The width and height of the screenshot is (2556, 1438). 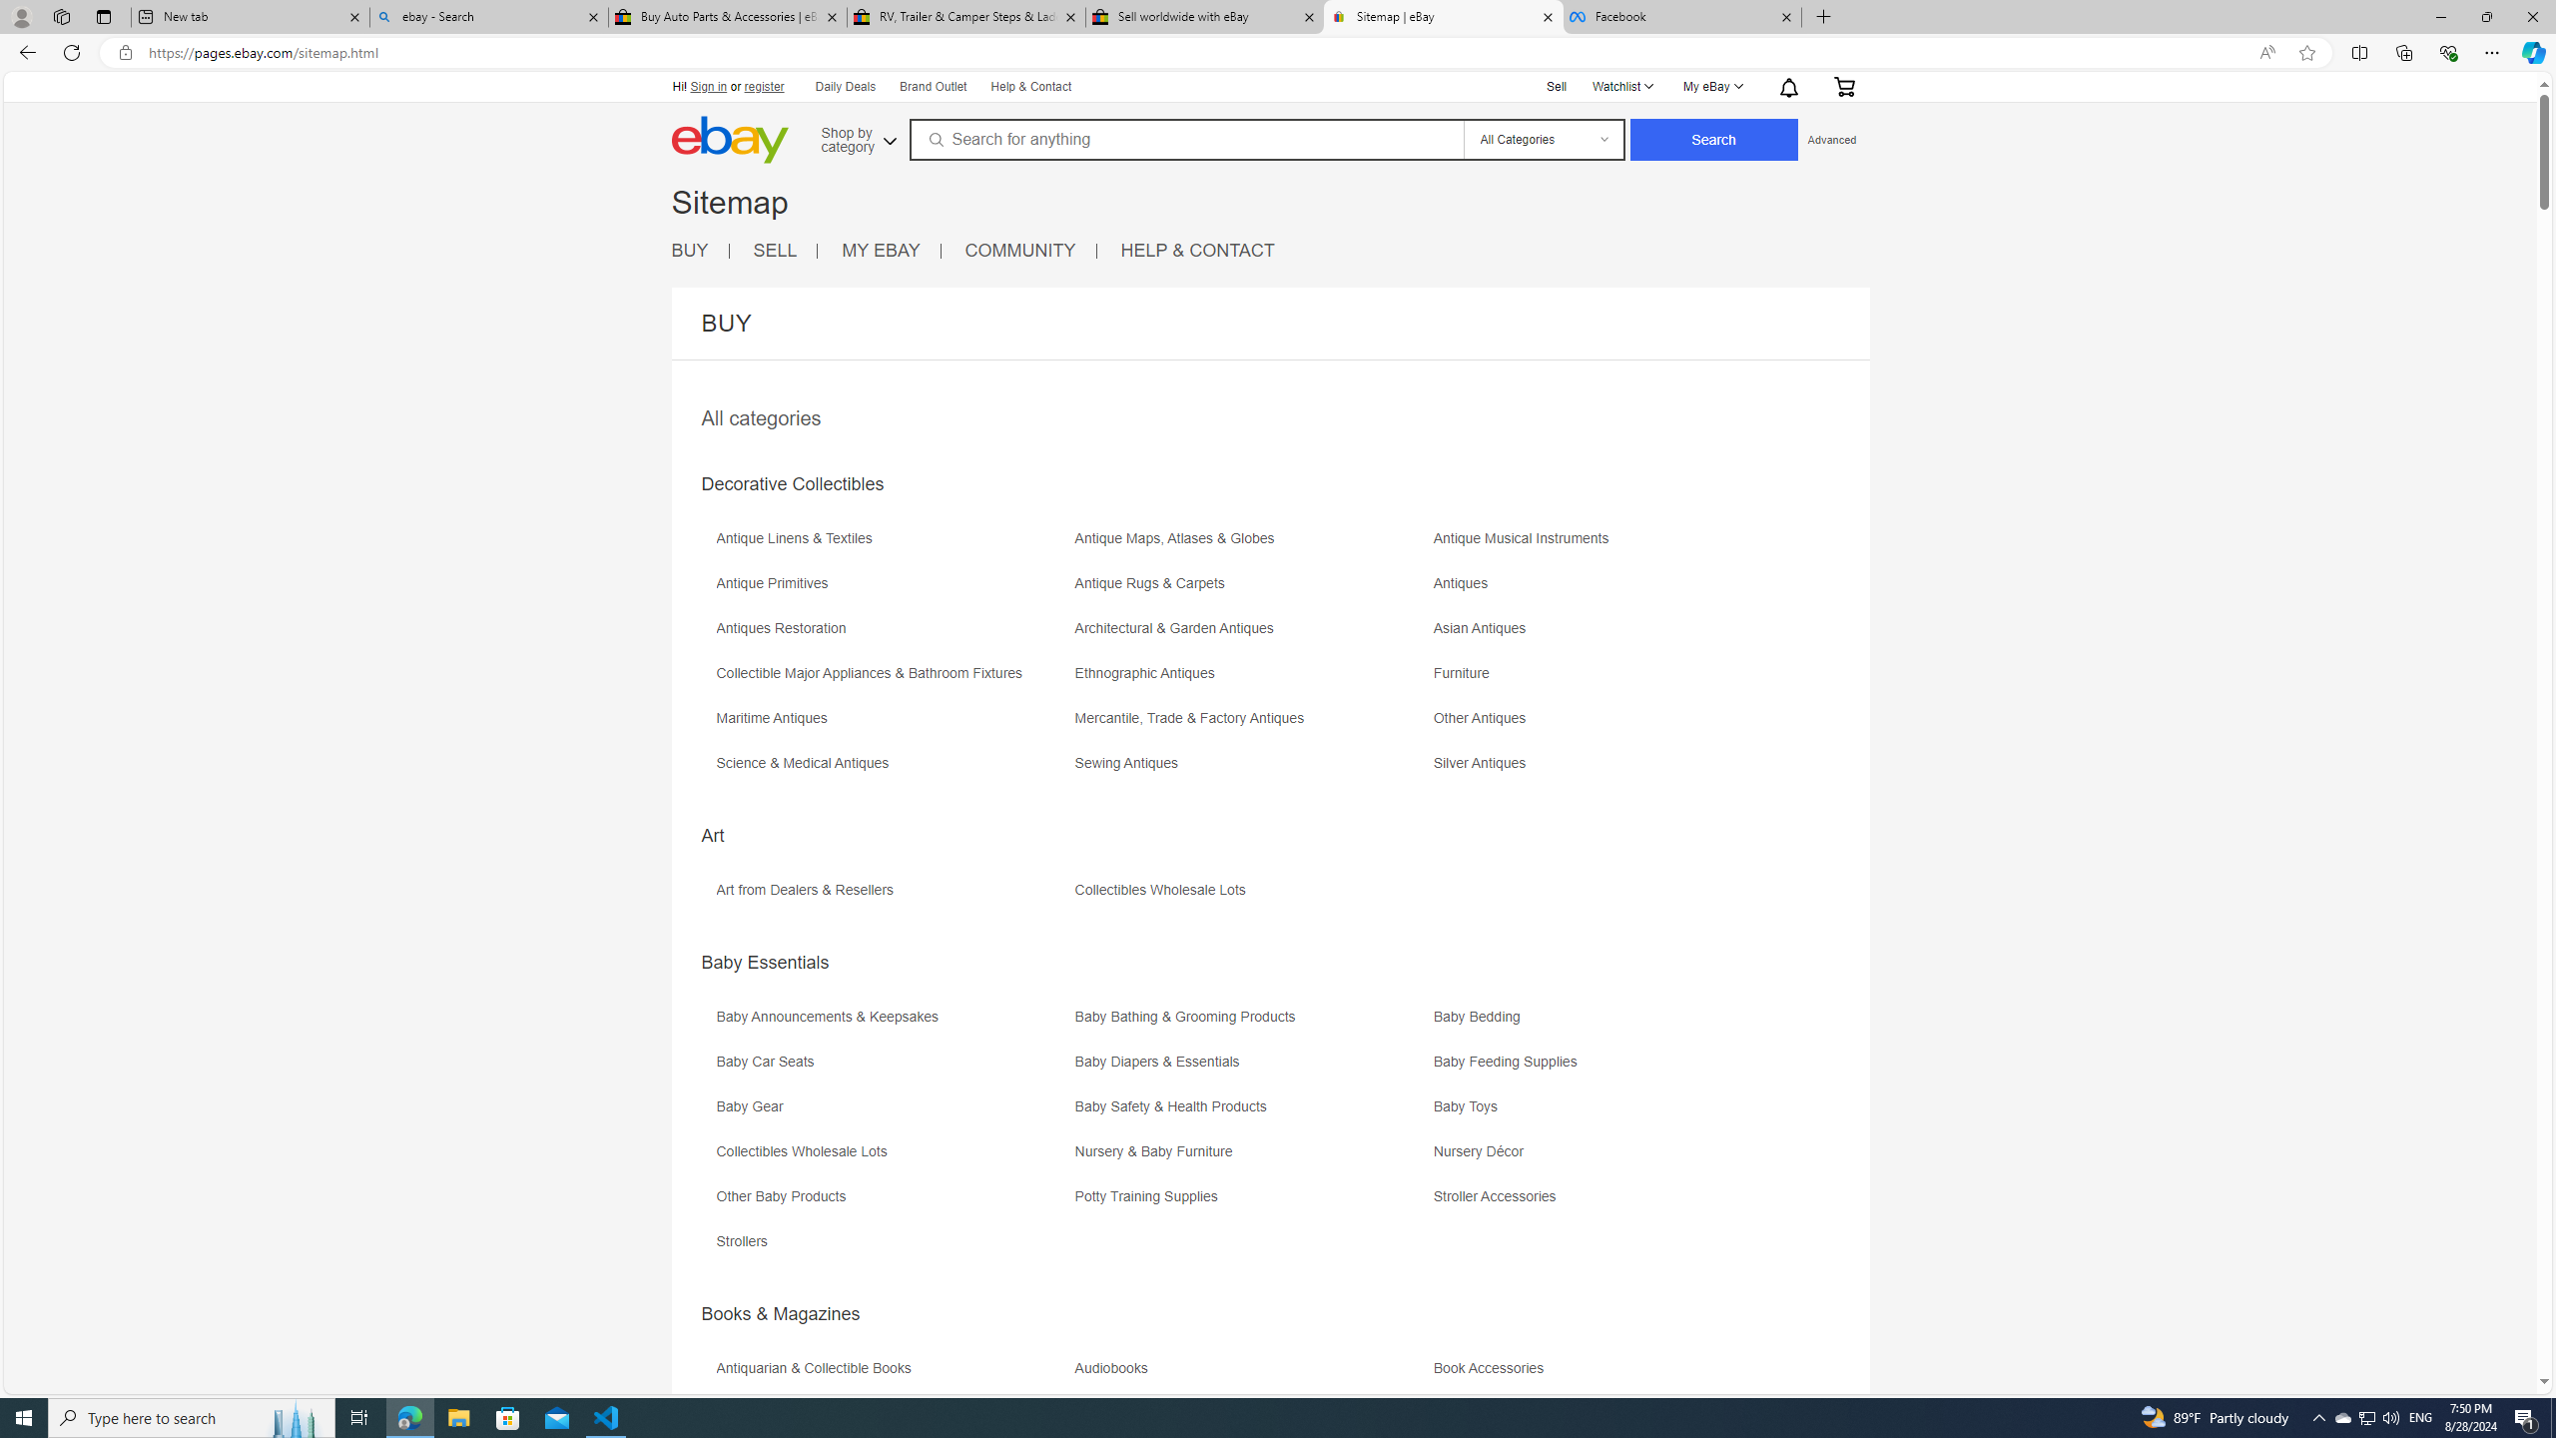 What do you see at coordinates (2307, 53) in the screenshot?
I see `'Add this page to favorites (Ctrl+D)'` at bounding box center [2307, 53].